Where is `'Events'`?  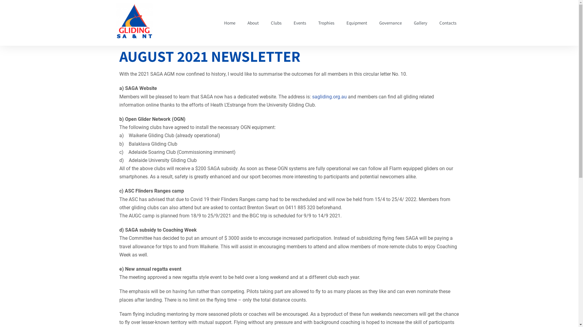
'Events' is located at coordinates (299, 23).